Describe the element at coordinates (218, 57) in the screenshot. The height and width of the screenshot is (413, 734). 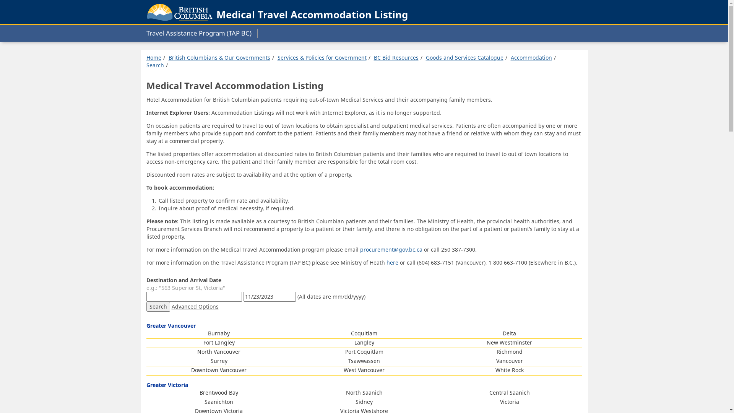
I see `'British Columbians & Our Governments'` at that location.